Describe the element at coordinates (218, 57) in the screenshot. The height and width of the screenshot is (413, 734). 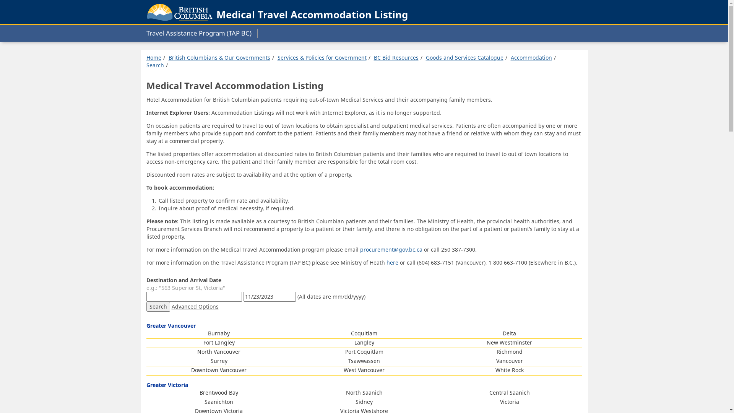
I see `'British Columbians & Our Governments'` at that location.